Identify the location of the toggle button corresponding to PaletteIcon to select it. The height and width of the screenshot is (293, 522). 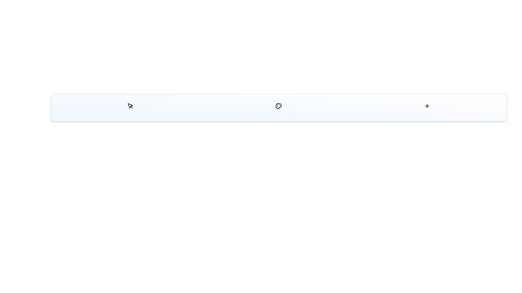
(279, 106).